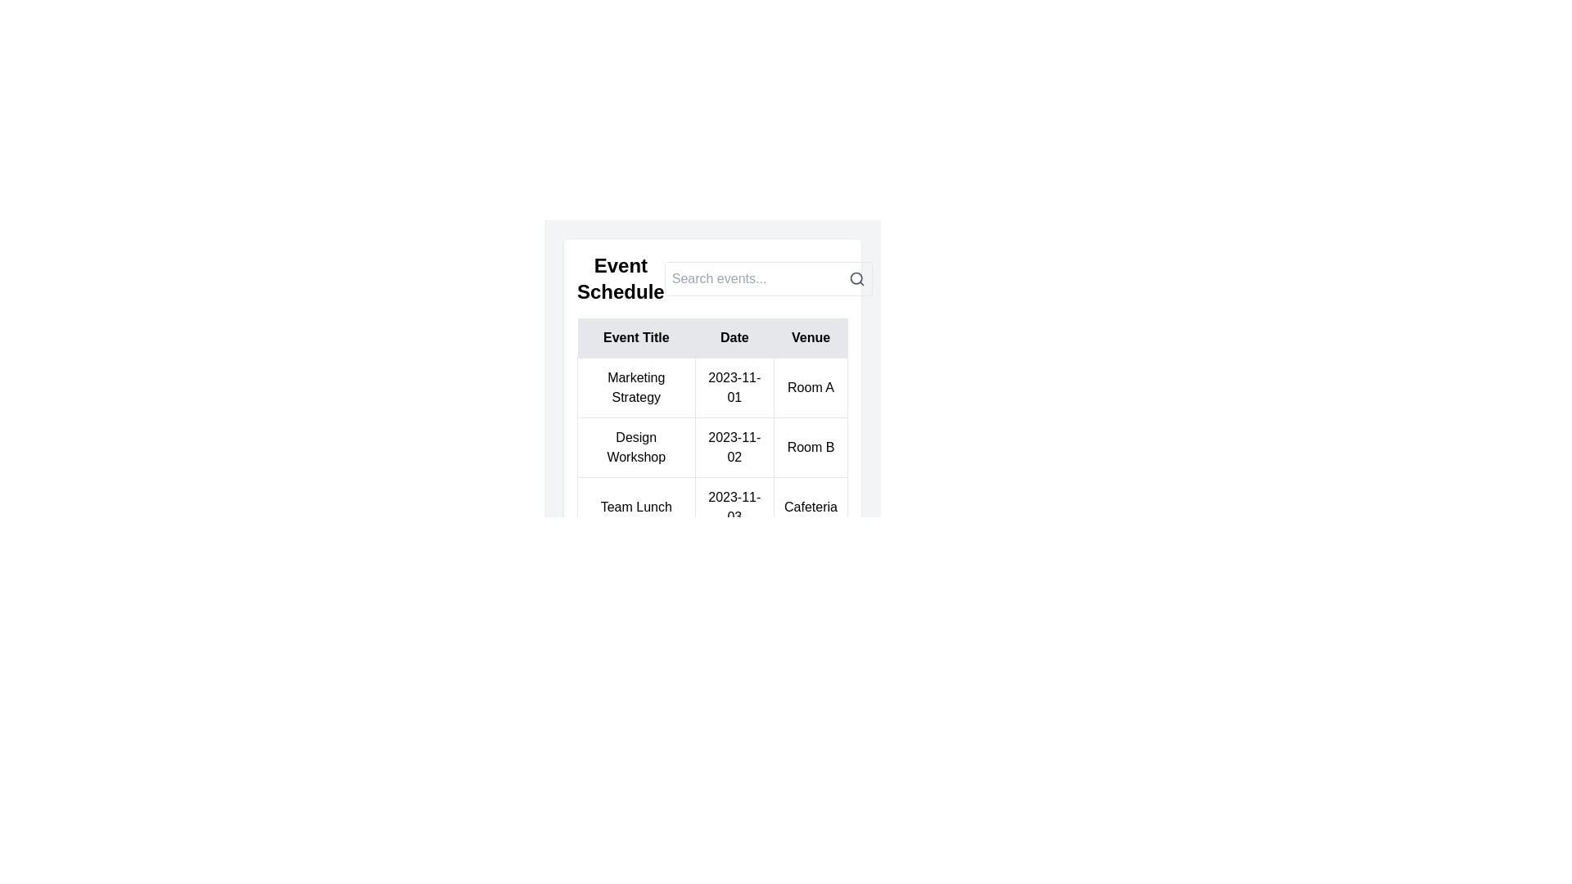  Describe the element at coordinates (734, 448) in the screenshot. I see `the text label displaying the scheduled date for the 'Design Workshop' event, located in the second row under the 'Date' column of the table` at that location.